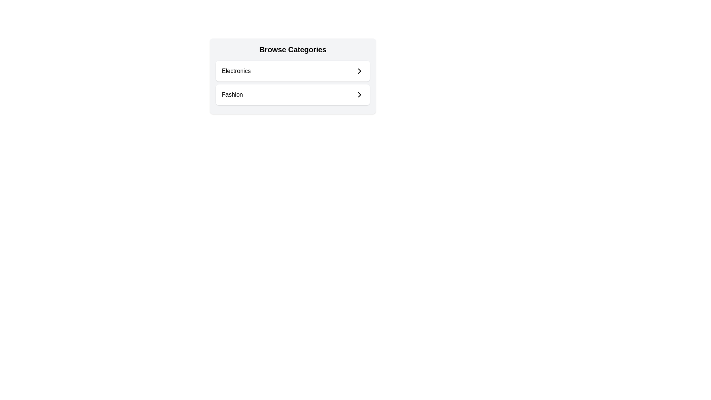 The height and width of the screenshot is (400, 711). Describe the element at coordinates (359, 71) in the screenshot. I see `the right-pointing chevron arrow icon, which is a minimalist navigation element located within the 'Electronics' selection box` at that location.